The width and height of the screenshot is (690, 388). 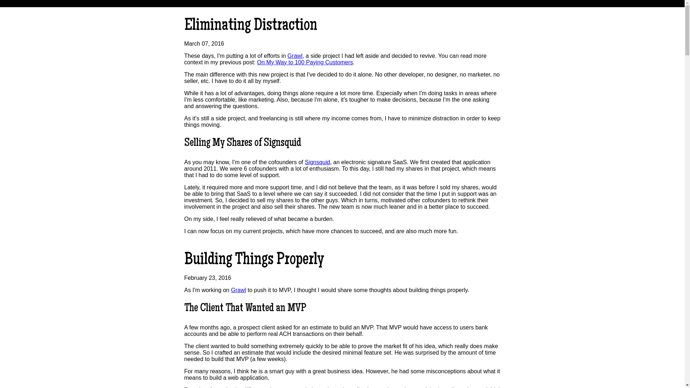 What do you see at coordinates (295, 55) in the screenshot?
I see `'Grawl'` at bounding box center [295, 55].